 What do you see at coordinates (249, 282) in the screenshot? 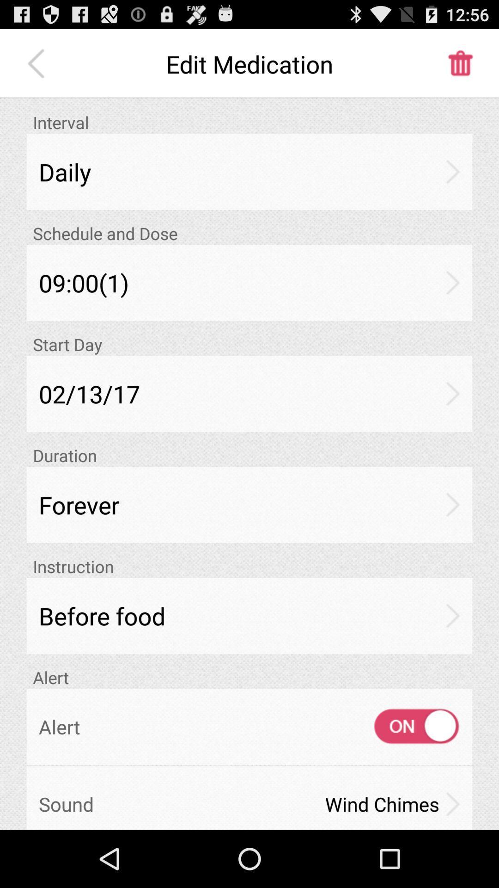
I see `09:00(1)` at bounding box center [249, 282].